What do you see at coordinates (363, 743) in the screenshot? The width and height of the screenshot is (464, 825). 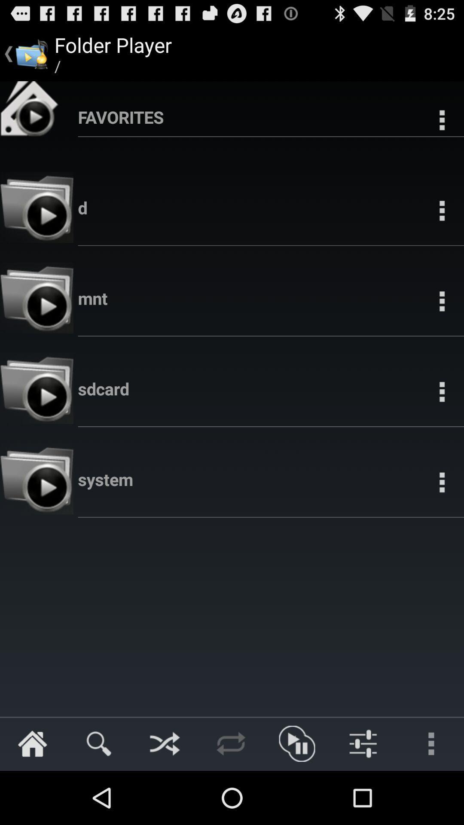 I see `the second image from left at the bottom of the page` at bounding box center [363, 743].